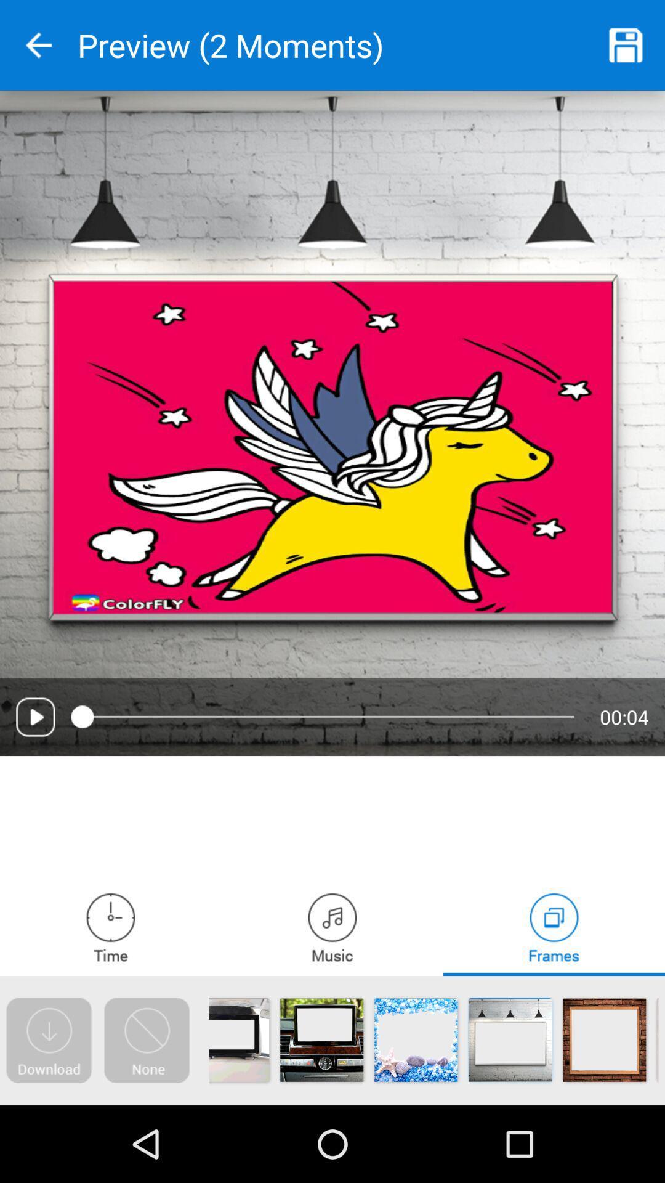 This screenshot has width=665, height=1183. I want to click on icon on the left, so click(34, 717).